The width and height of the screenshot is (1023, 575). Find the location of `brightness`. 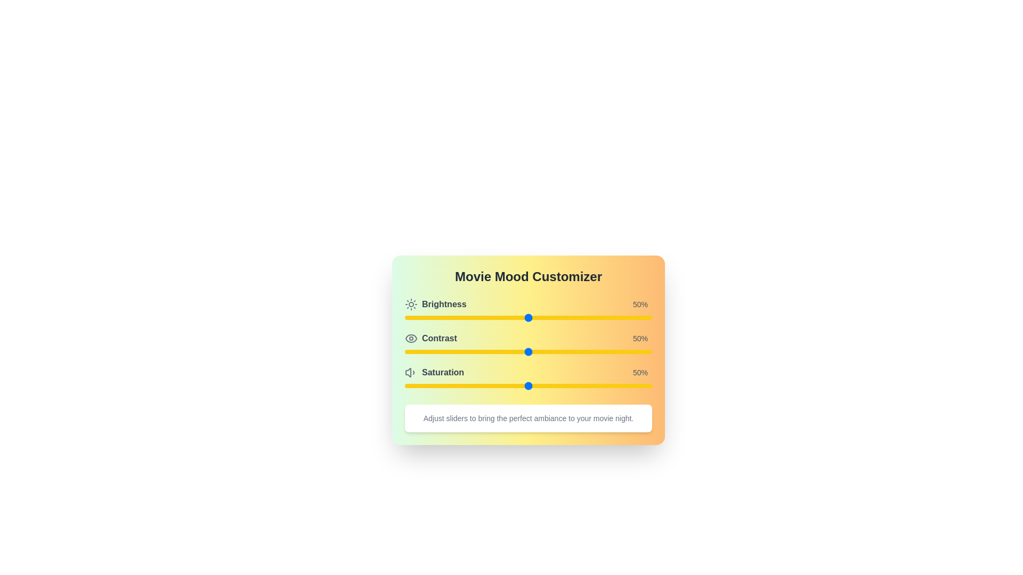

brightness is located at coordinates (570, 317).